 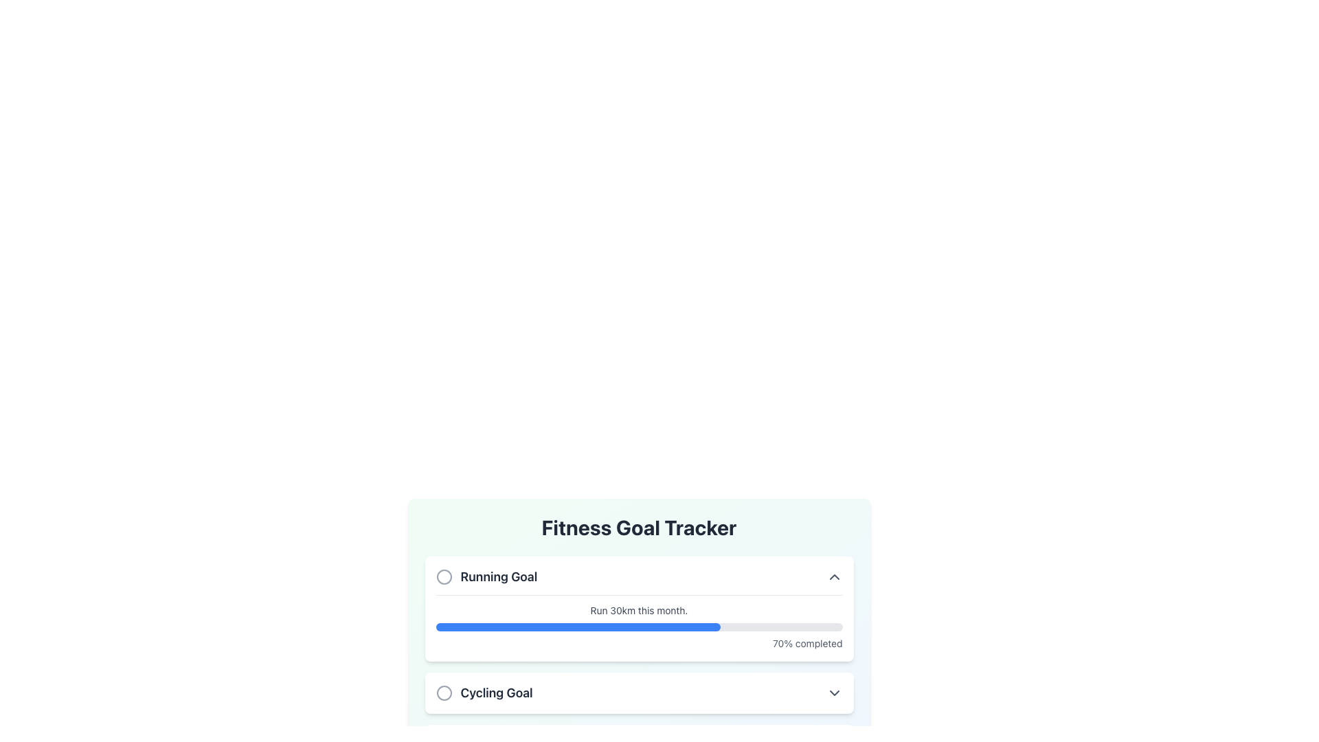 What do you see at coordinates (638, 577) in the screenshot?
I see `the adjacent icons in the Title section of the card that details a running goal, located at the top section of the card` at bounding box center [638, 577].